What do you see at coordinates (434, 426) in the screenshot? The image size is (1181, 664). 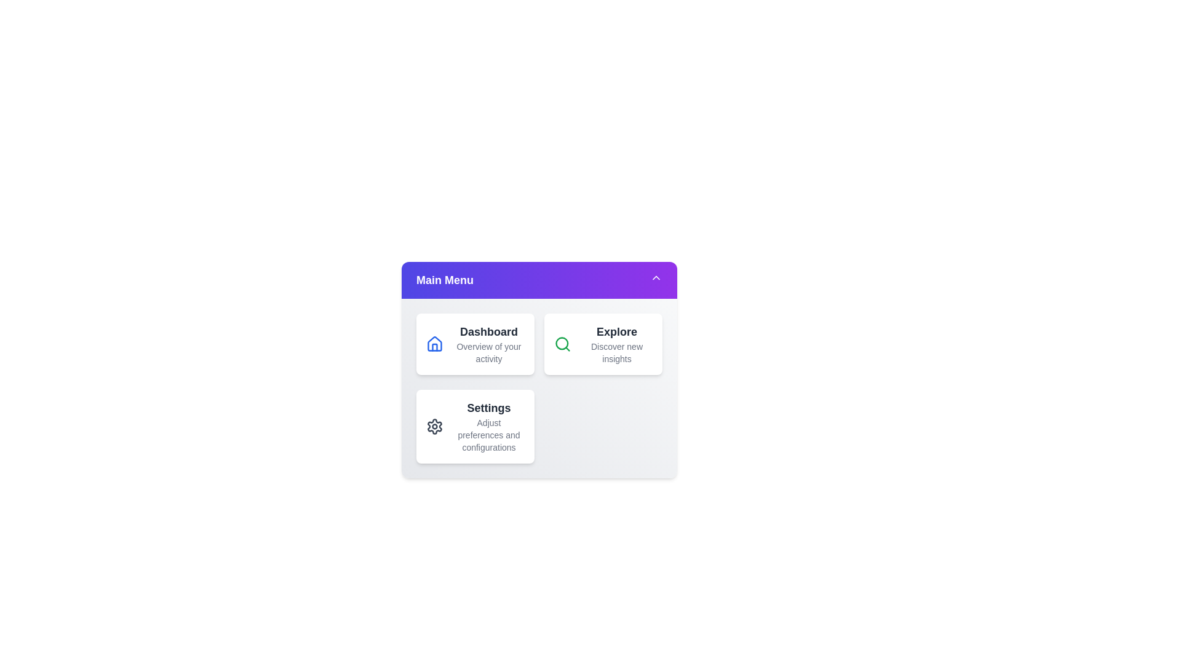 I see `the Settings icon to provide feedback` at bounding box center [434, 426].